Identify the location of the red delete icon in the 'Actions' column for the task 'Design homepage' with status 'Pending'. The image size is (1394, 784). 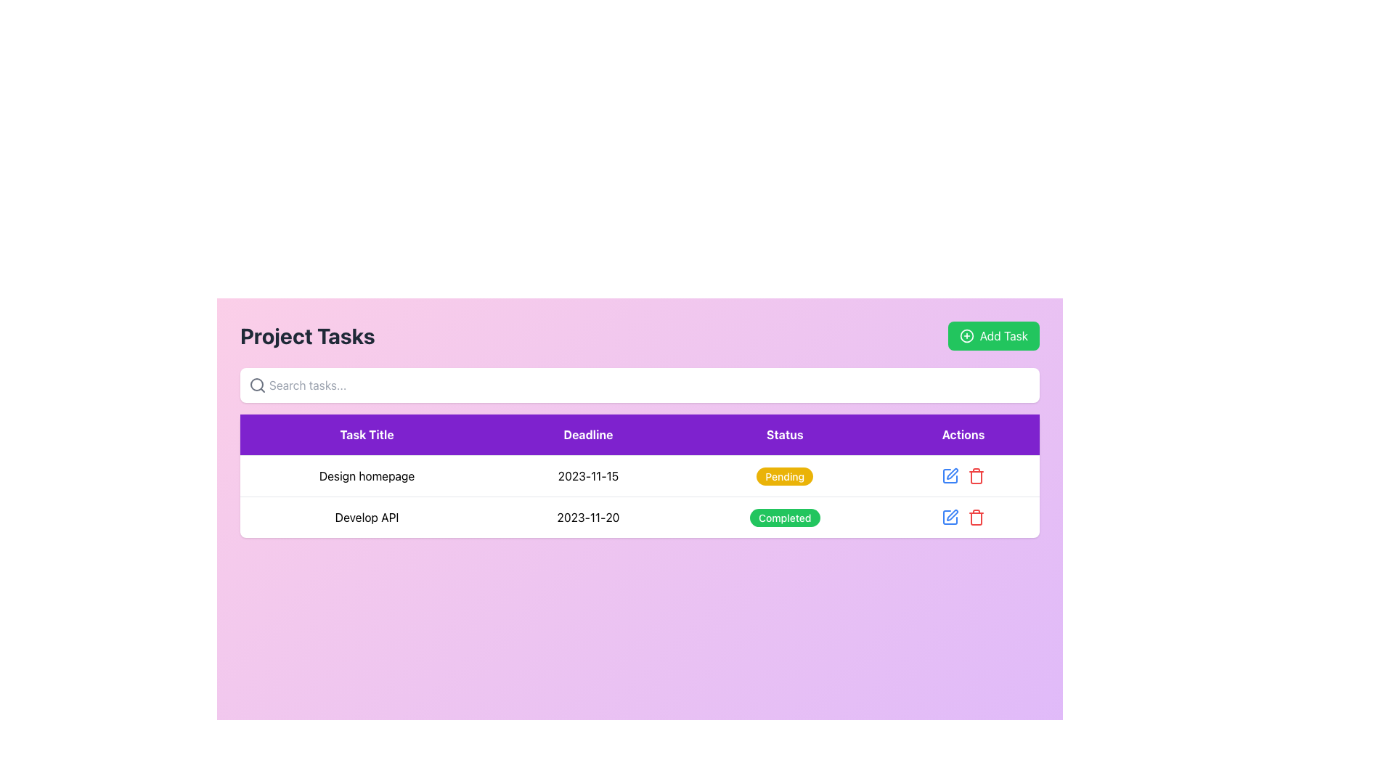
(963, 475).